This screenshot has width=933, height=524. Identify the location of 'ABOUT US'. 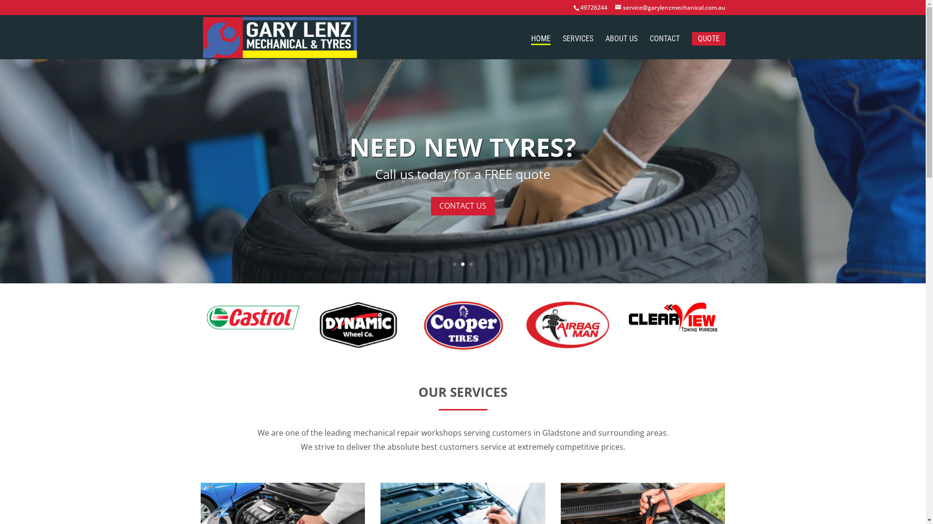
(621, 47).